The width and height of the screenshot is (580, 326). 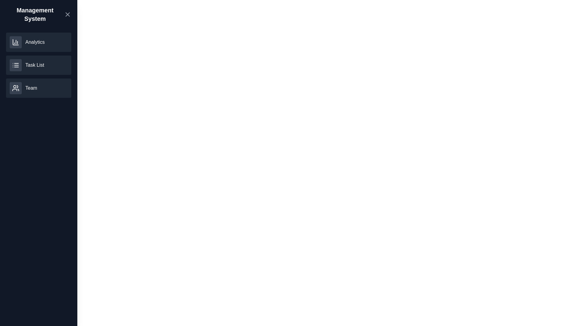 I want to click on the 'Team' section to select it, so click(x=38, y=88).